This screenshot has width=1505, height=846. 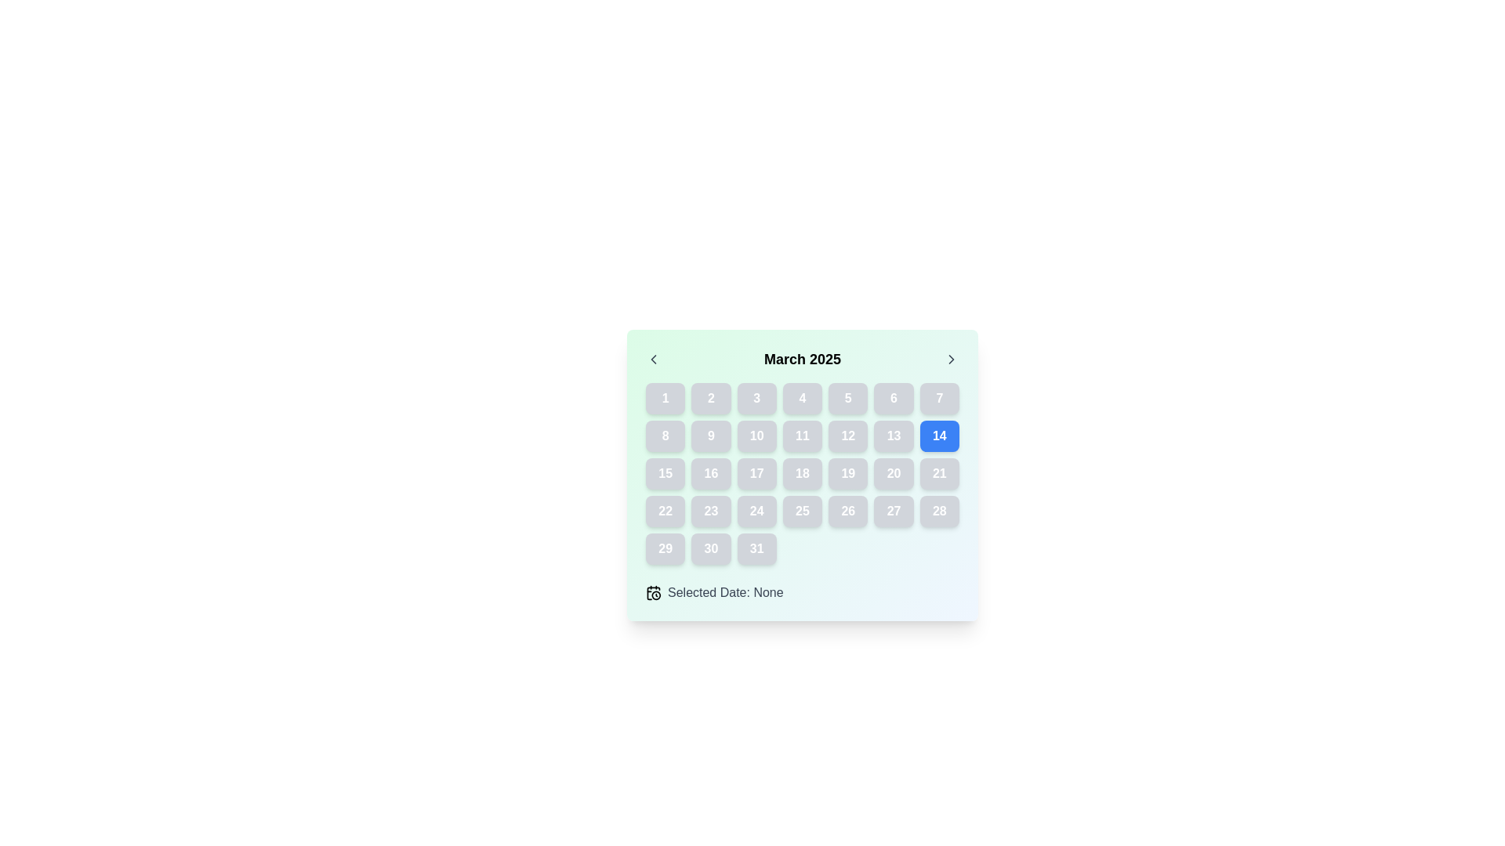 I want to click on the button that allows the user to select the 6th day of the displayed month, located in the first row, sixth column of the grid, so click(x=894, y=398).